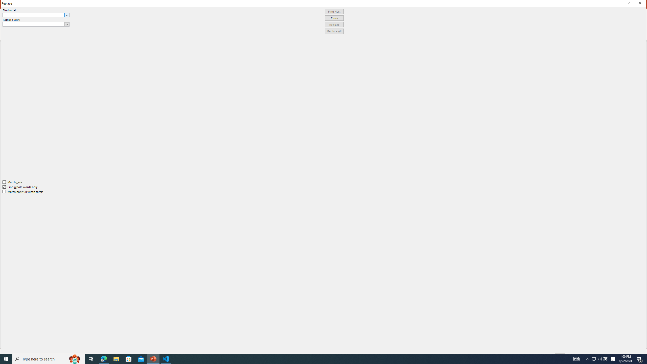 This screenshot has height=364, width=647. What do you see at coordinates (334, 11) in the screenshot?
I see `'Find Next'` at bounding box center [334, 11].